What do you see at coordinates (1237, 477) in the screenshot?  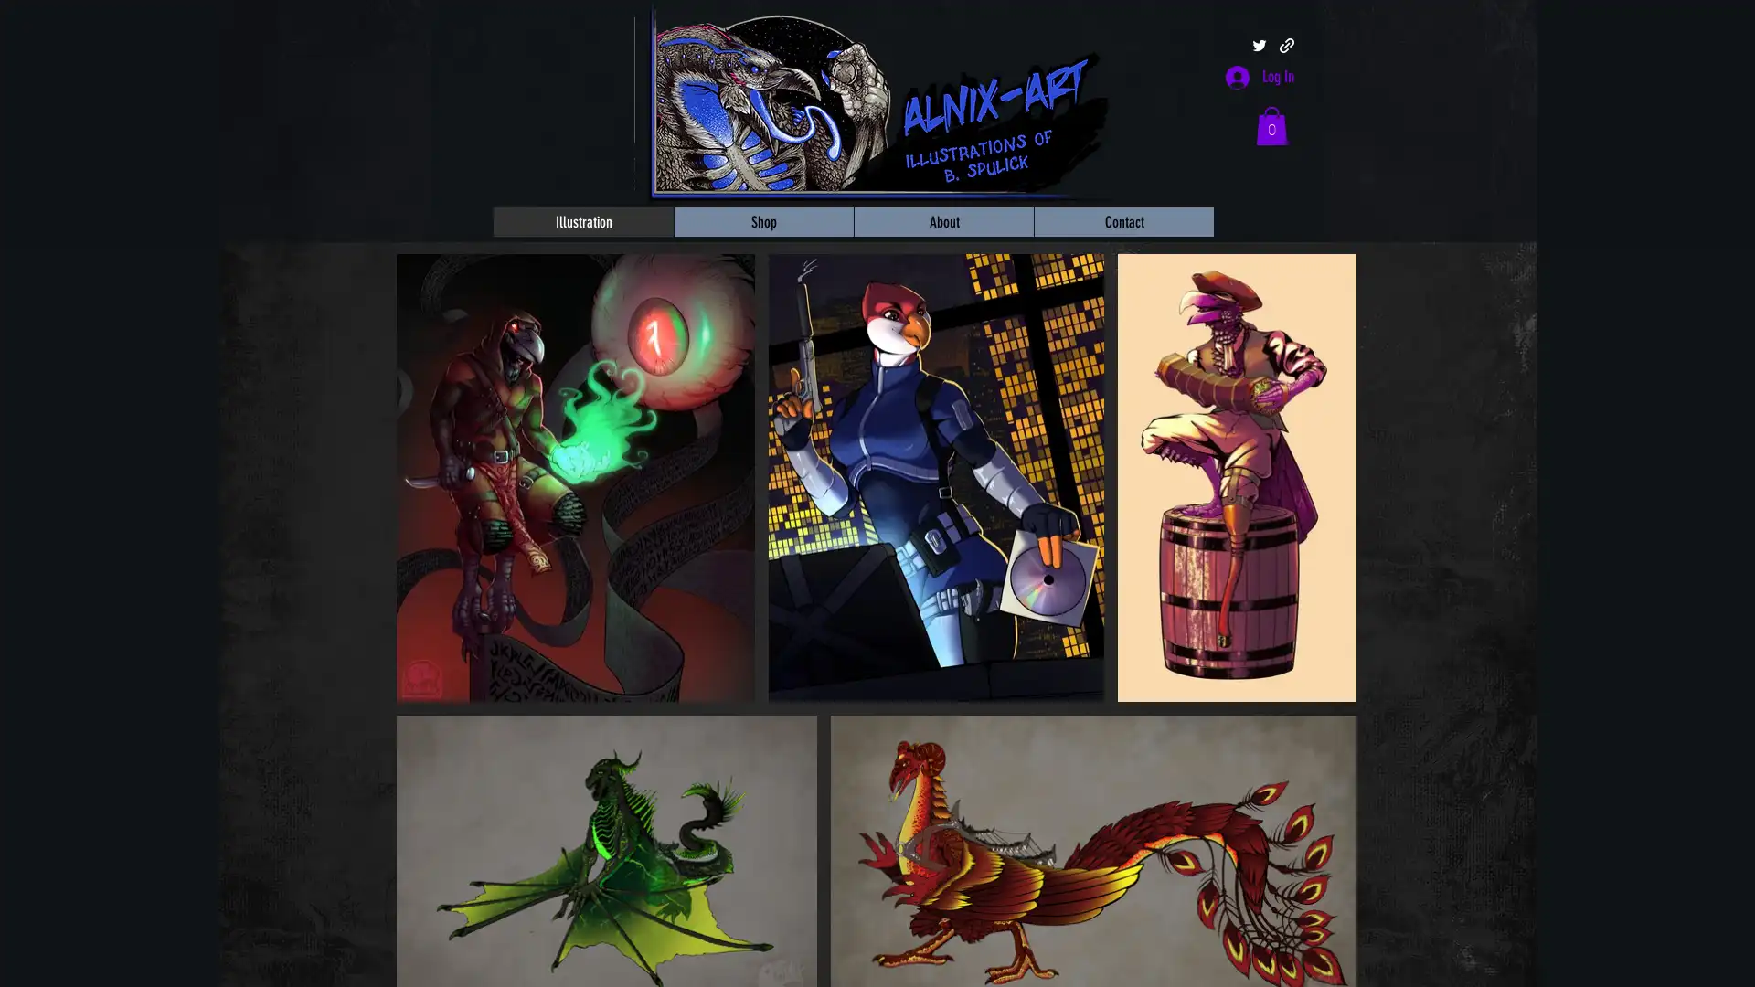 I see `Spulick_FWA2019Standee.jpg` at bounding box center [1237, 477].